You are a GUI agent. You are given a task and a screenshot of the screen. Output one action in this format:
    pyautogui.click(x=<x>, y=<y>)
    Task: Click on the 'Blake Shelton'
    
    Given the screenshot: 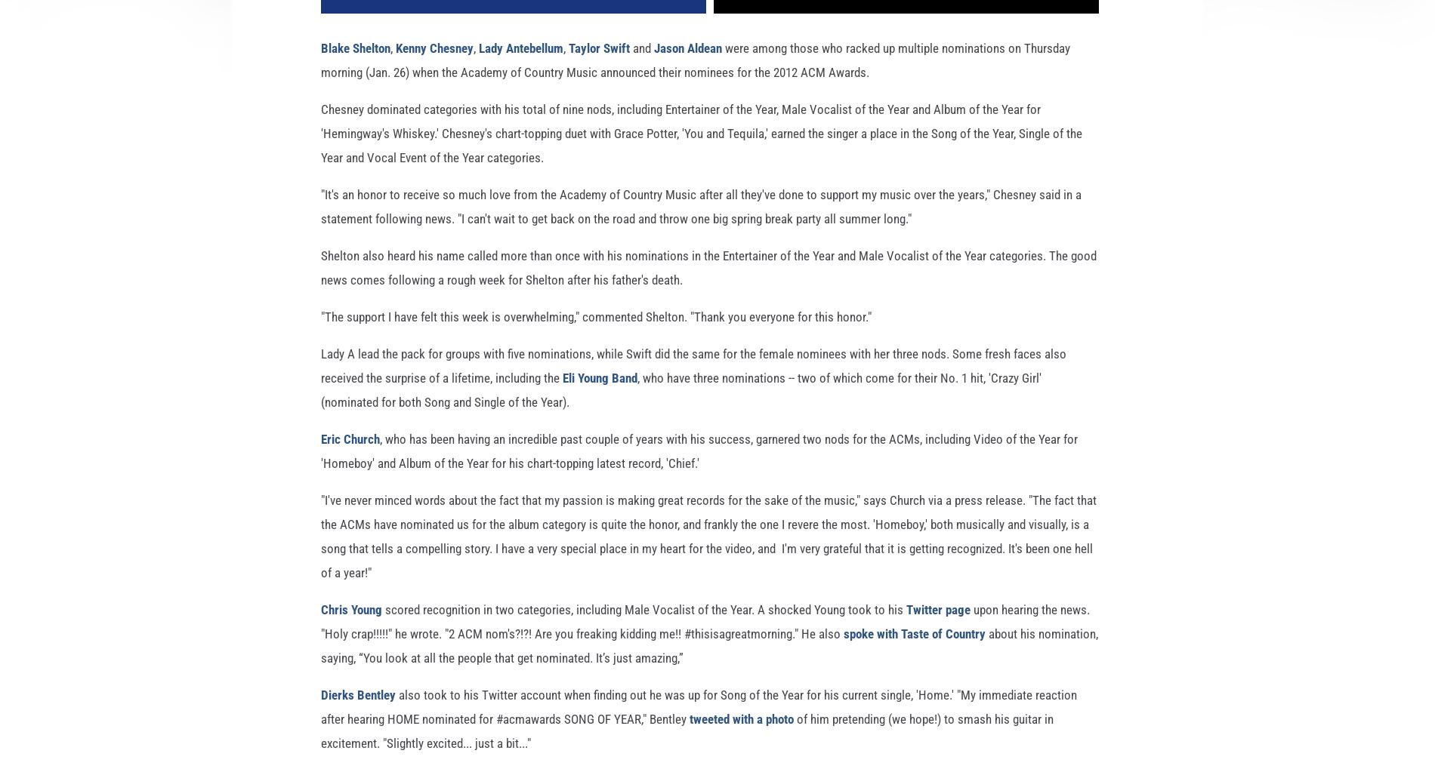 What is the action you would take?
    pyautogui.click(x=355, y=71)
    